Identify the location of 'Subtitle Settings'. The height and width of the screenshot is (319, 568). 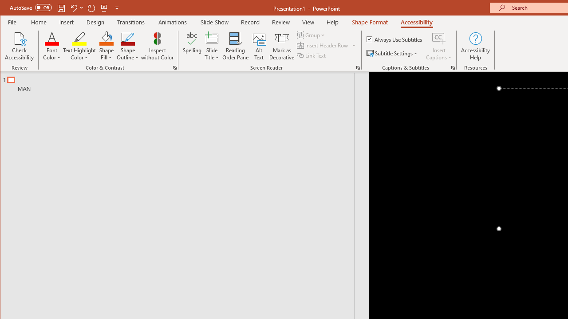
(392, 53).